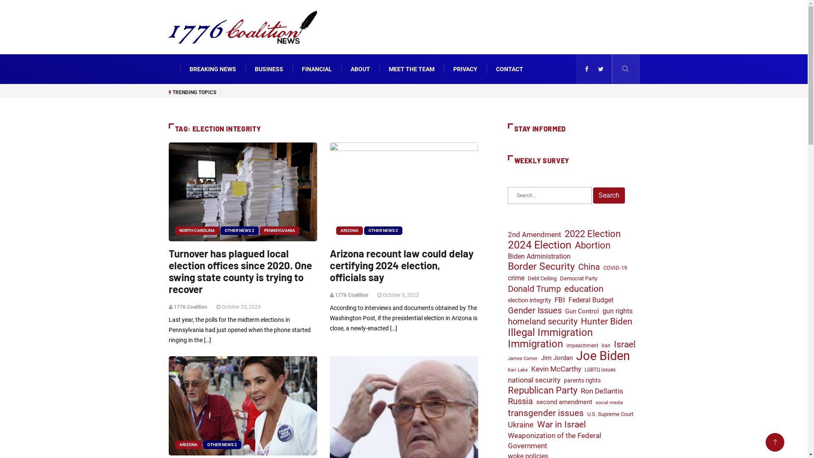  I want to click on 'PENNSYLVANIA', so click(279, 230).